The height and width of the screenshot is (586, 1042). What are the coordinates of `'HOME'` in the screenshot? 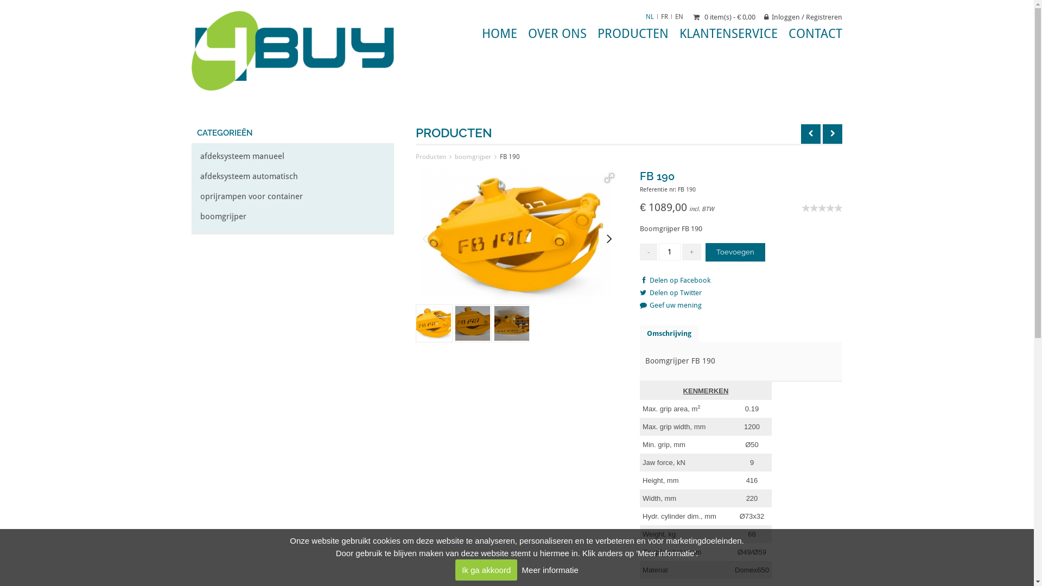 It's located at (499, 33).